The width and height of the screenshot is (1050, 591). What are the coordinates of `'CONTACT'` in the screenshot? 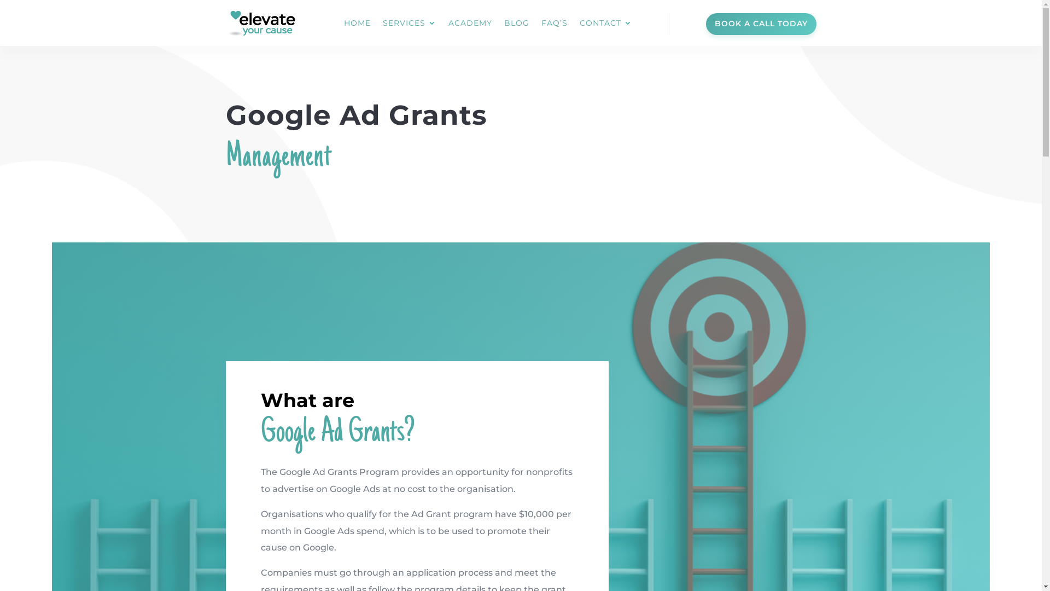 It's located at (605, 23).